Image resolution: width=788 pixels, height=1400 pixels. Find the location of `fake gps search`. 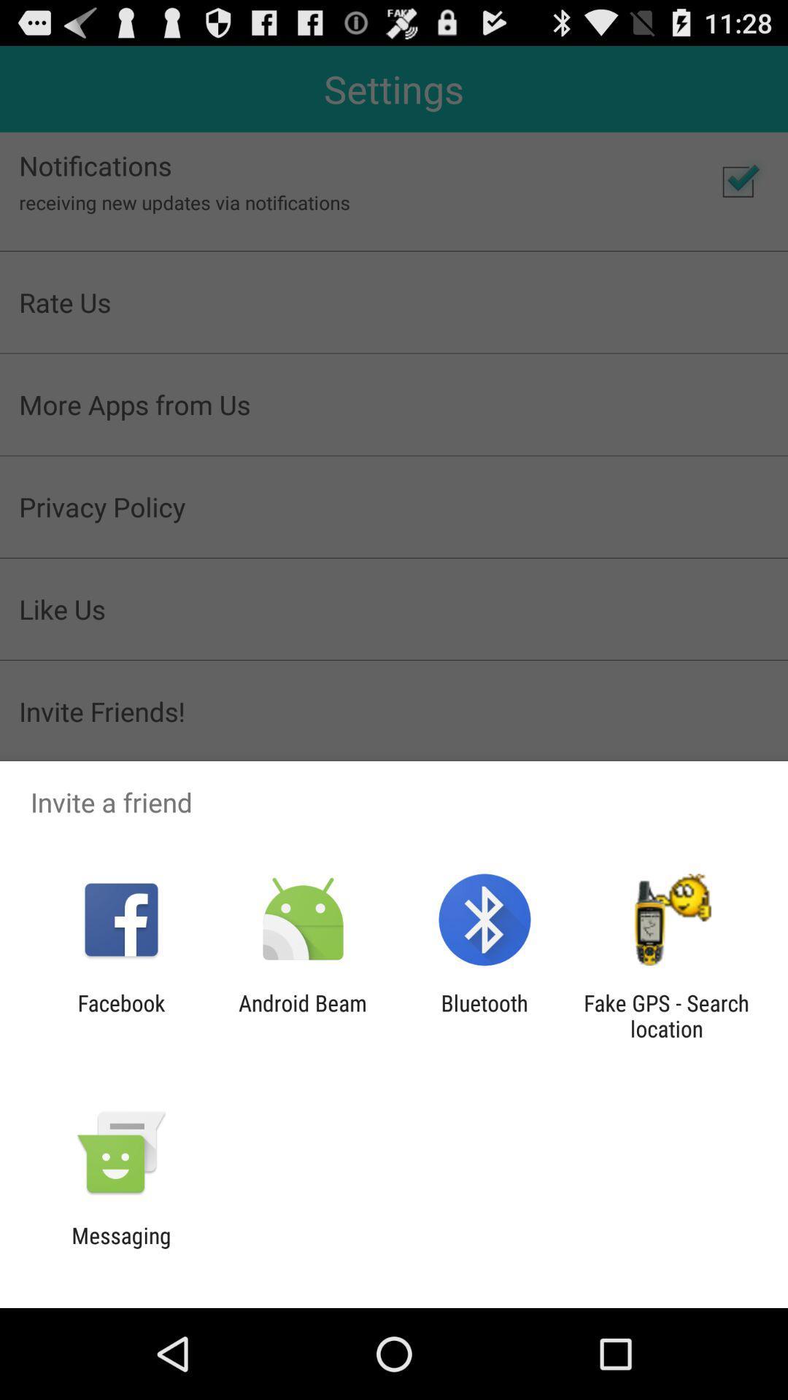

fake gps search is located at coordinates (666, 1015).